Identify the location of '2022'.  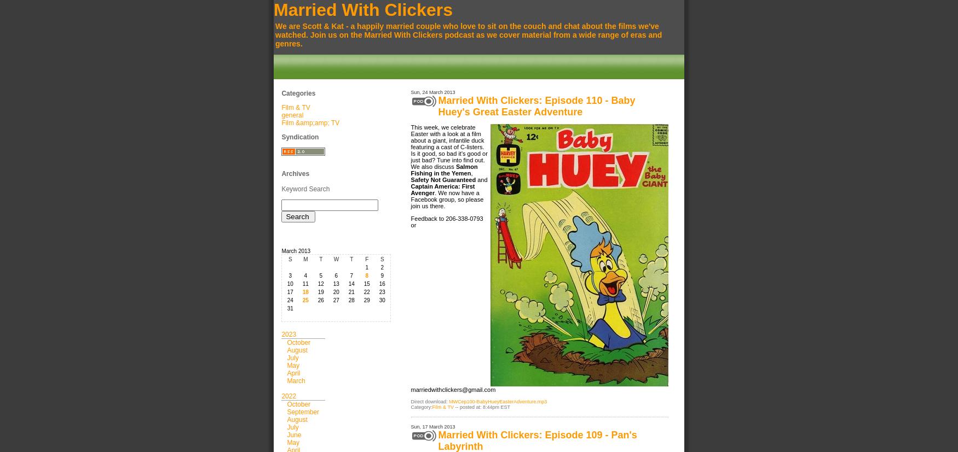
(288, 396).